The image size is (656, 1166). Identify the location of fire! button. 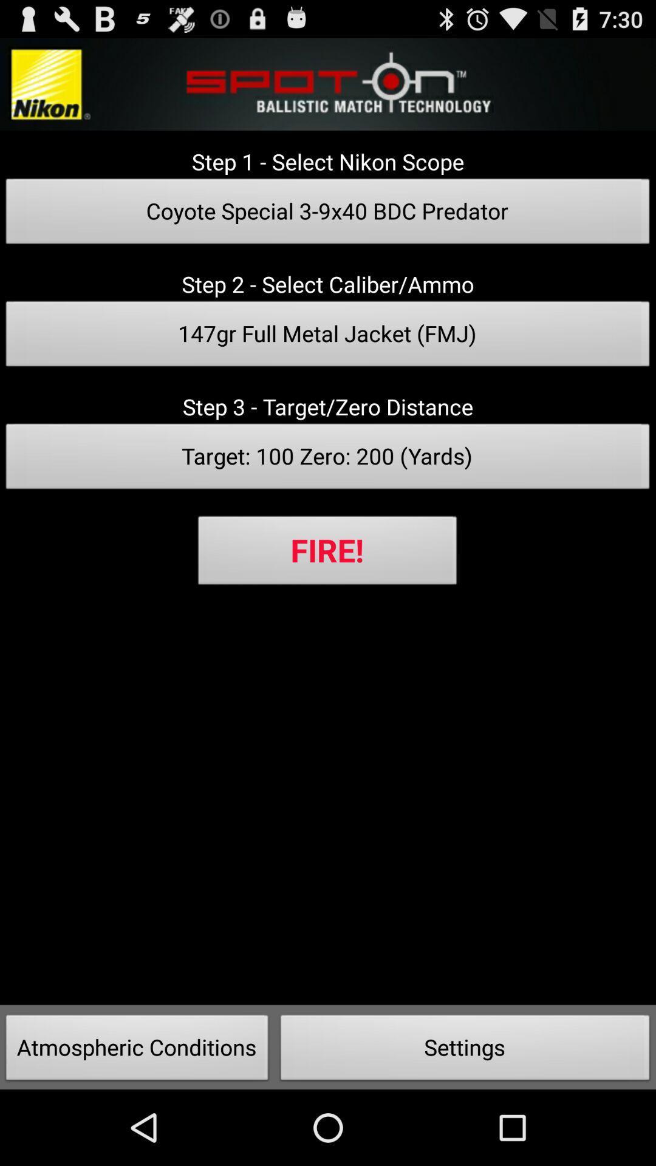
(327, 553).